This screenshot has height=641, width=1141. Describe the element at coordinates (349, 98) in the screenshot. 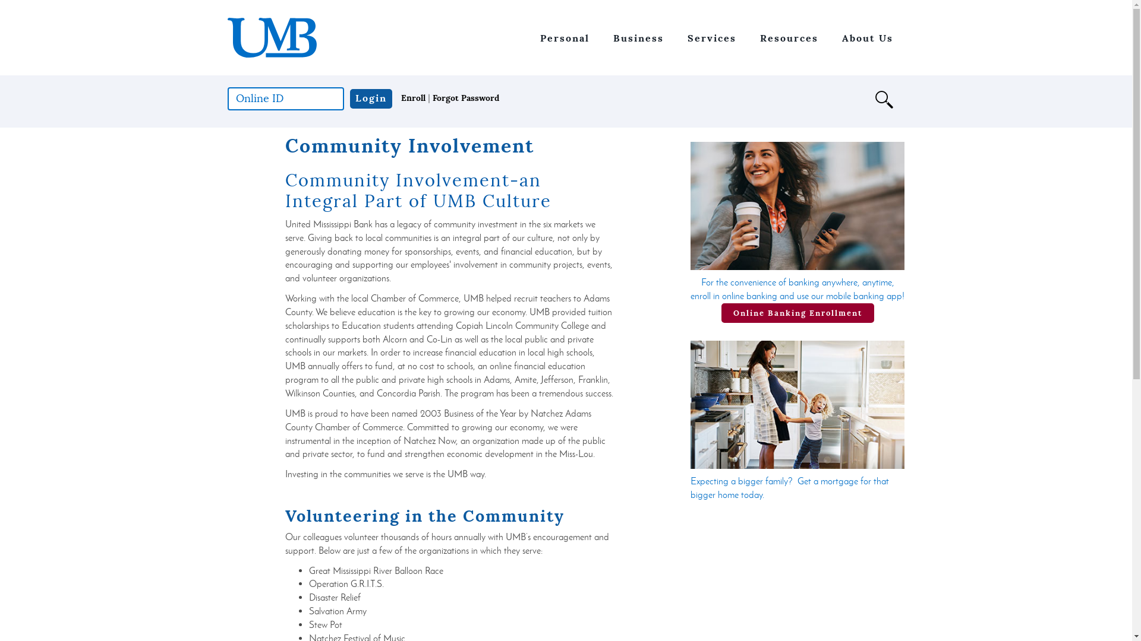

I see `'Login'` at that location.